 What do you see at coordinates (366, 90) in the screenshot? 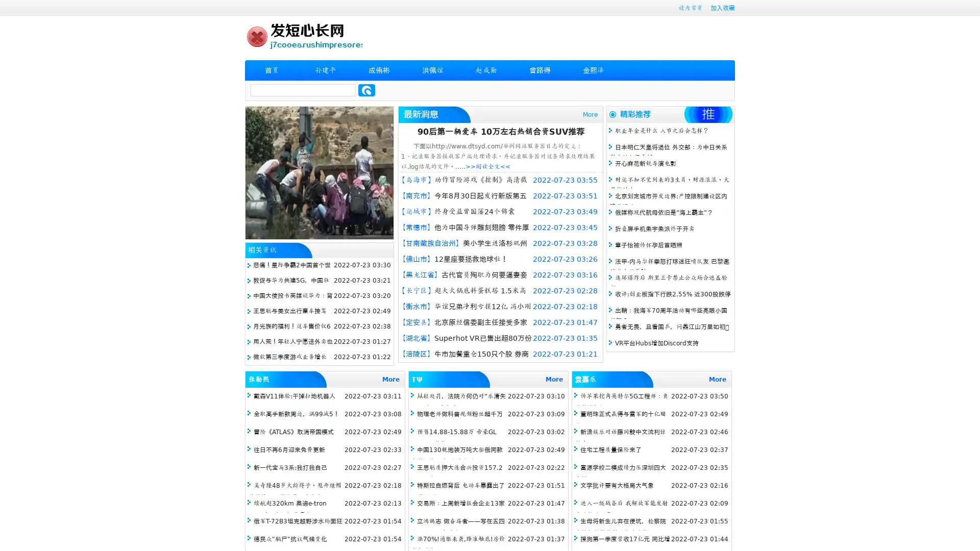
I see `Search` at bounding box center [366, 90].